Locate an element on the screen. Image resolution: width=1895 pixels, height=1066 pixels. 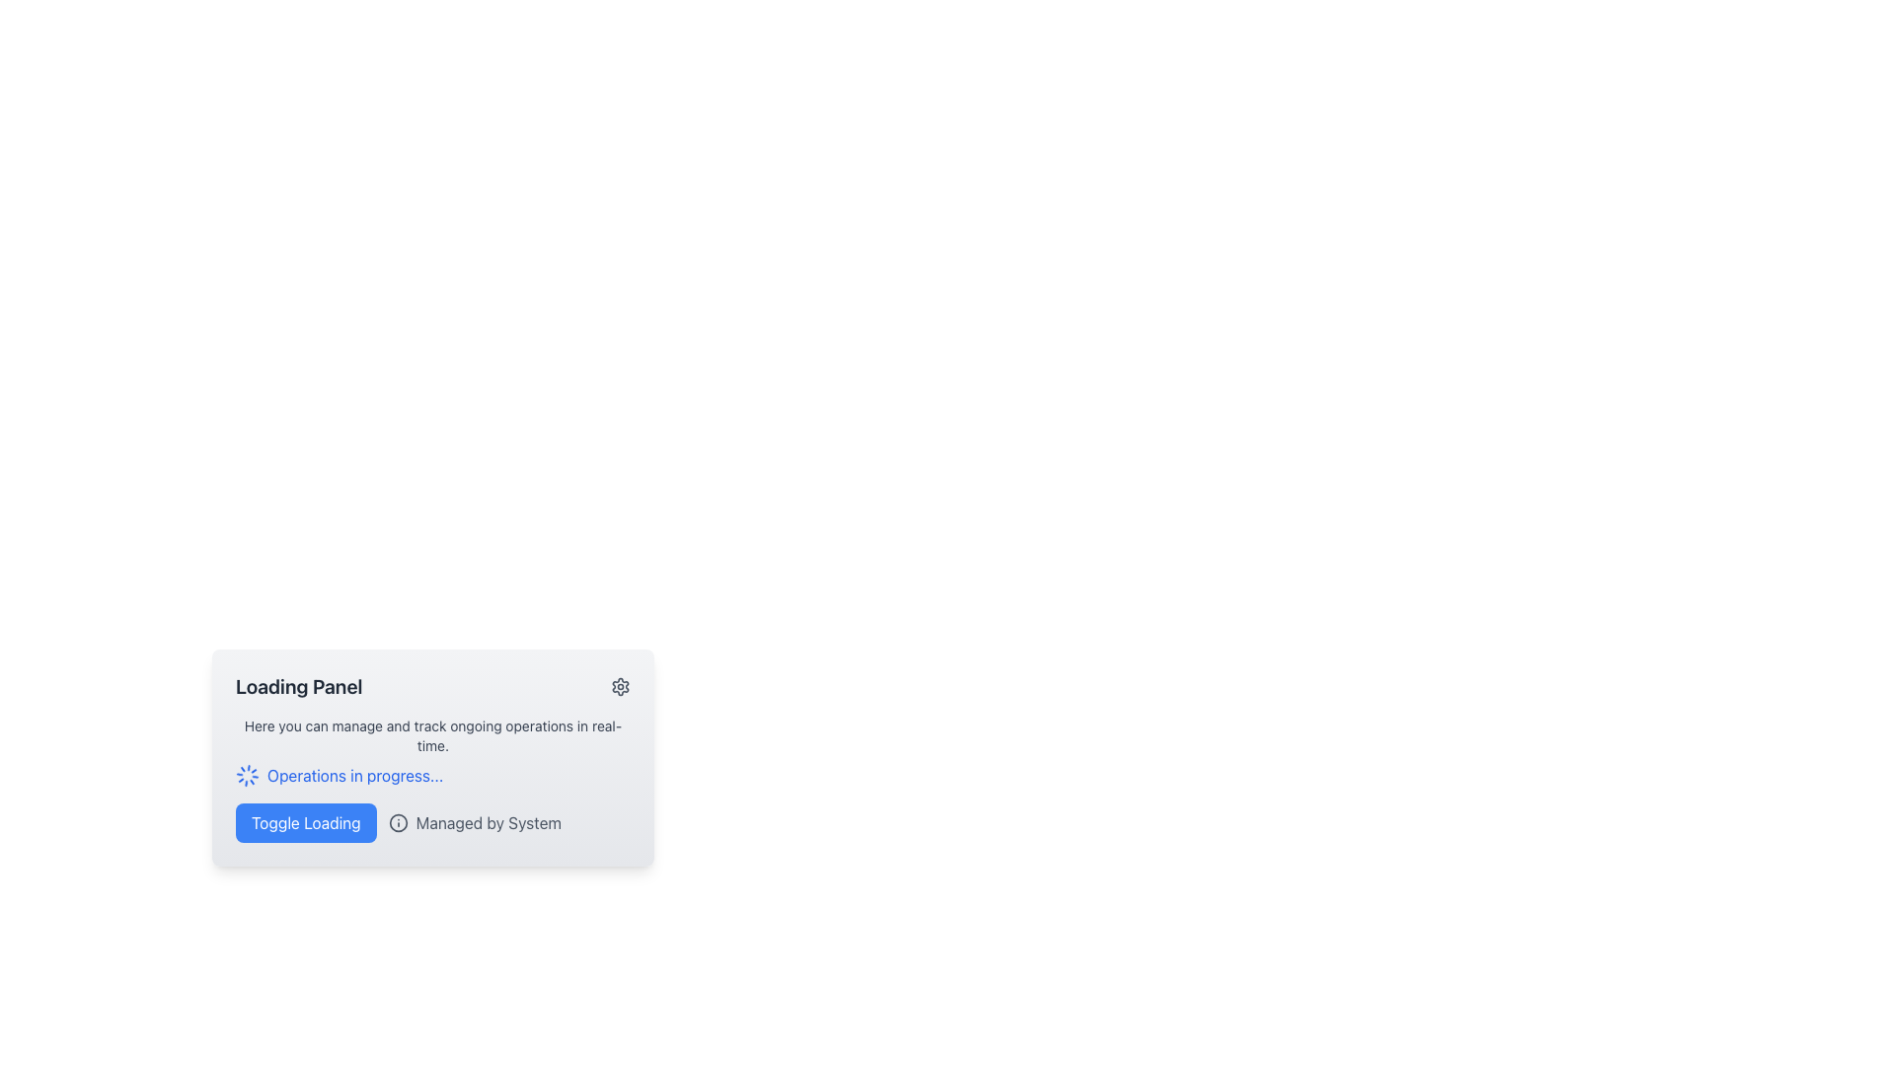
the gear icon located in the top-right corner of the 'Loading Panel' is located at coordinates (619, 685).